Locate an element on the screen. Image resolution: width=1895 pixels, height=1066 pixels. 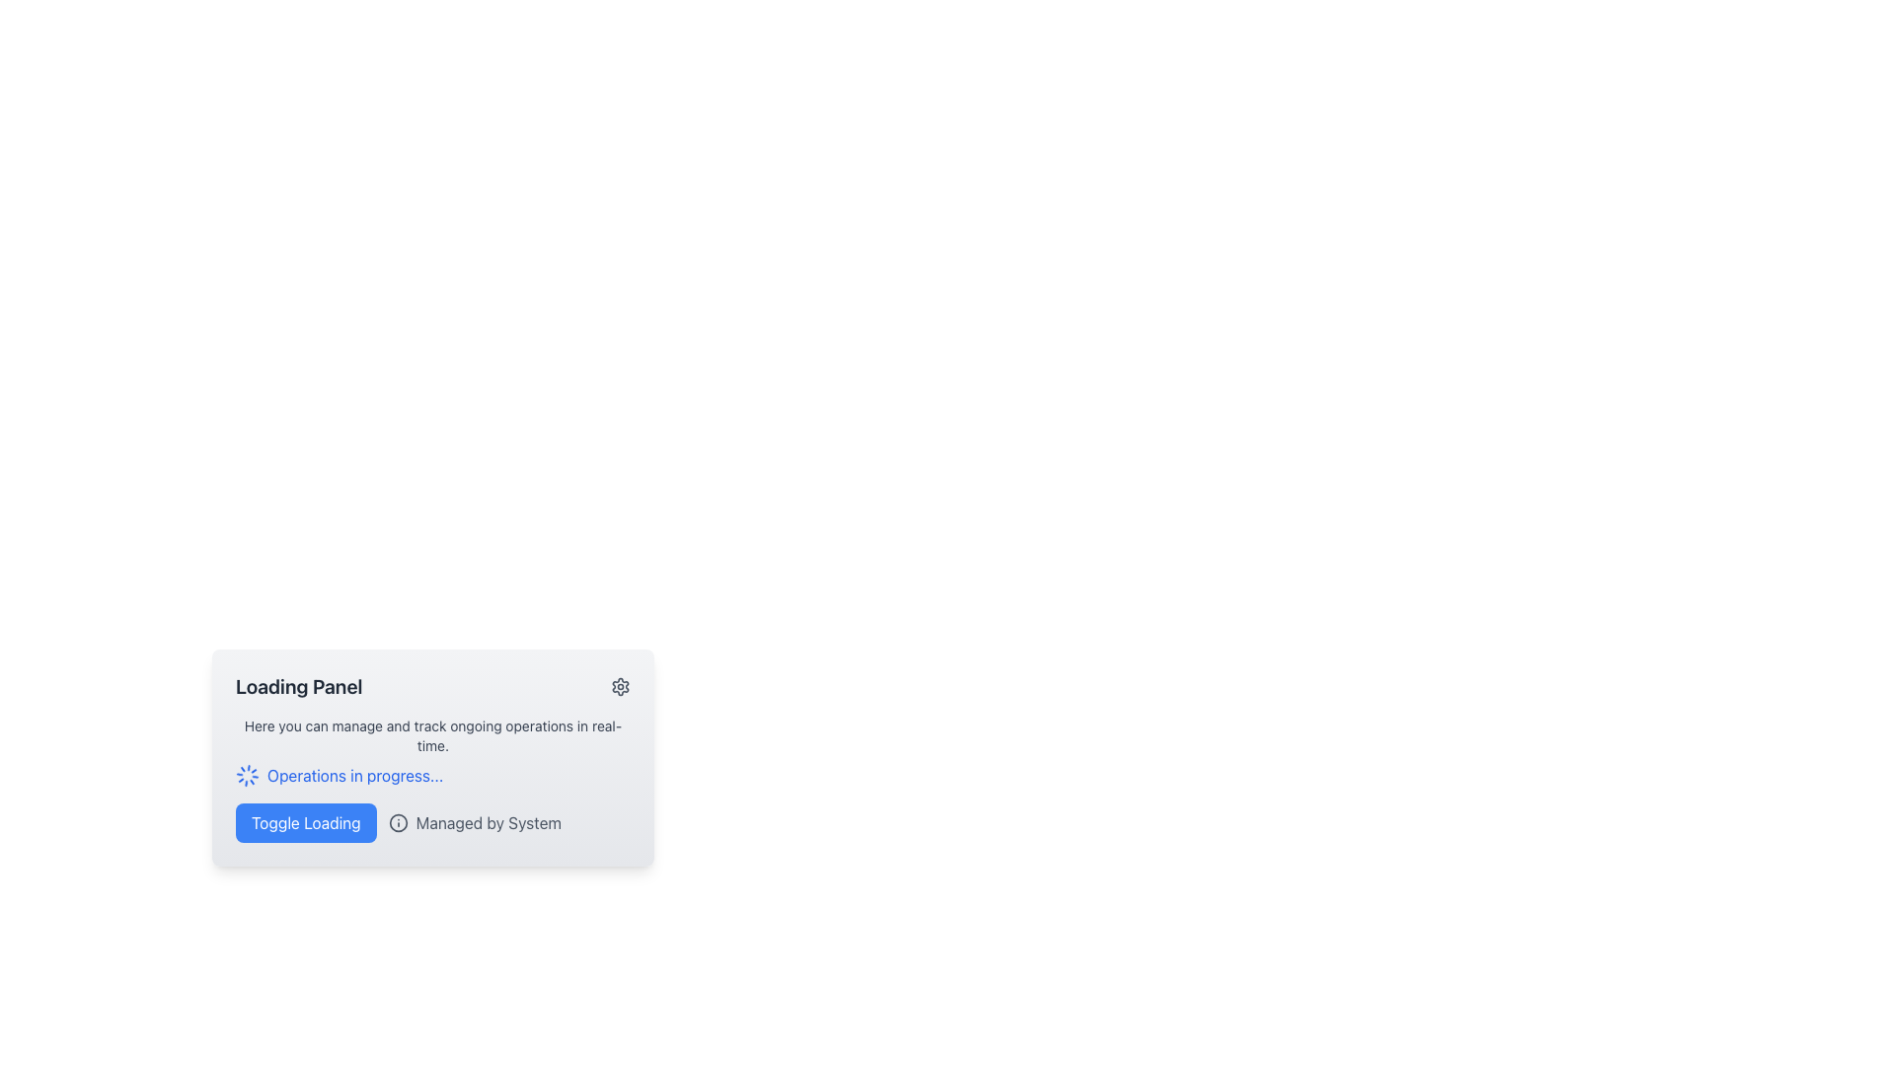
the gear icon located in the top-right corner of the 'Loading Panel' is located at coordinates (619, 685).